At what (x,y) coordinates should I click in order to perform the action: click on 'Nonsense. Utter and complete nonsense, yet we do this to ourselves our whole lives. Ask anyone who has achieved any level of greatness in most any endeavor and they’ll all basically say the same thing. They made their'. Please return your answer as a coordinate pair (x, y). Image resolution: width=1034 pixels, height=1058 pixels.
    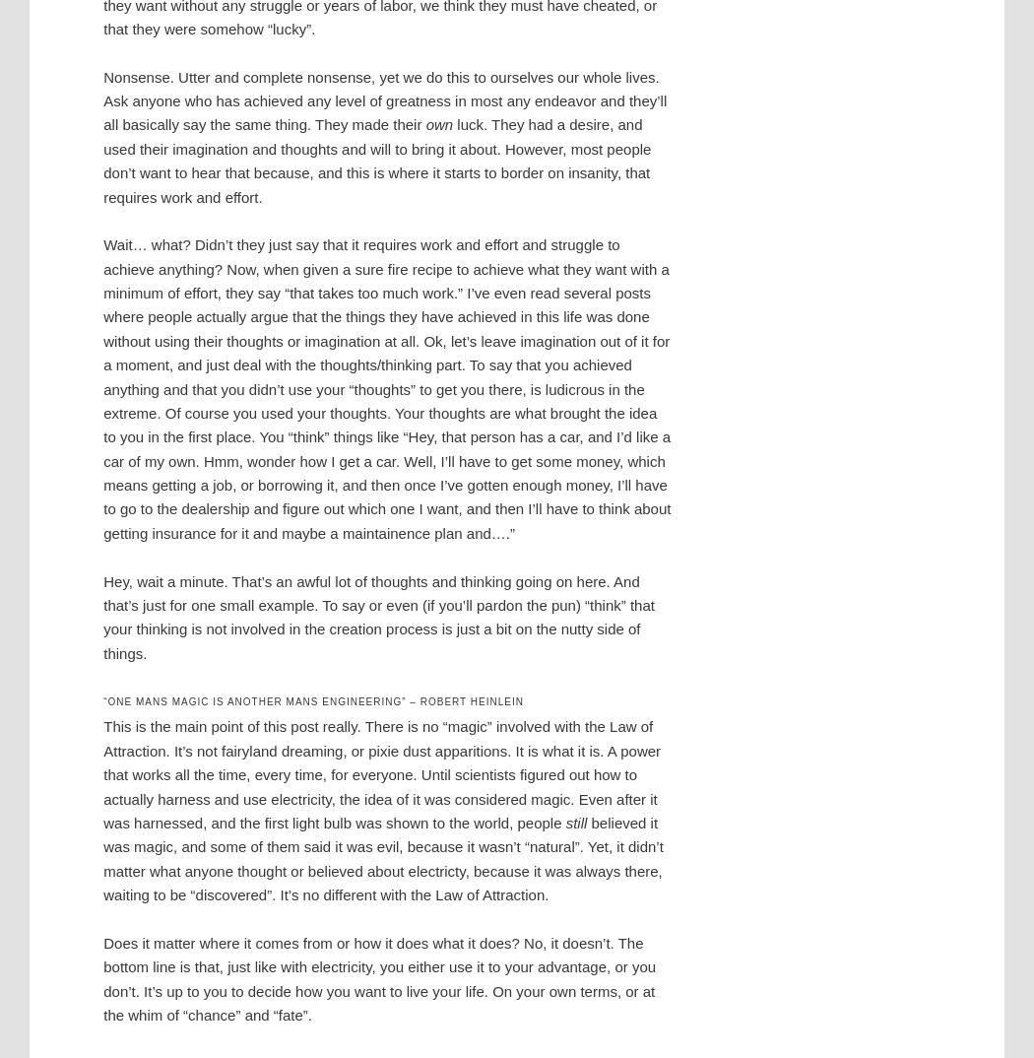
    Looking at the image, I should click on (385, 100).